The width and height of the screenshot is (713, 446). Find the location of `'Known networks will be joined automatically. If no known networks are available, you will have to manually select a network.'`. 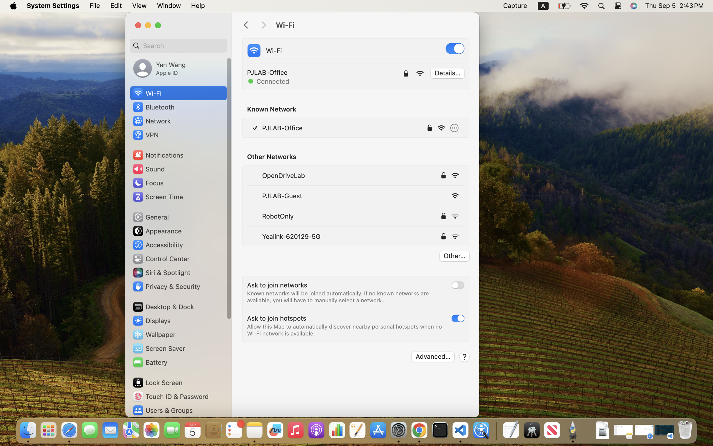

'Known networks will be joined automatically. If no known networks are available, you will have to manually select a network.' is located at coordinates (339, 297).